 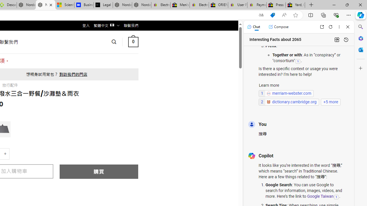 What do you see at coordinates (133, 41) in the screenshot?
I see `'  0  '` at bounding box center [133, 41].